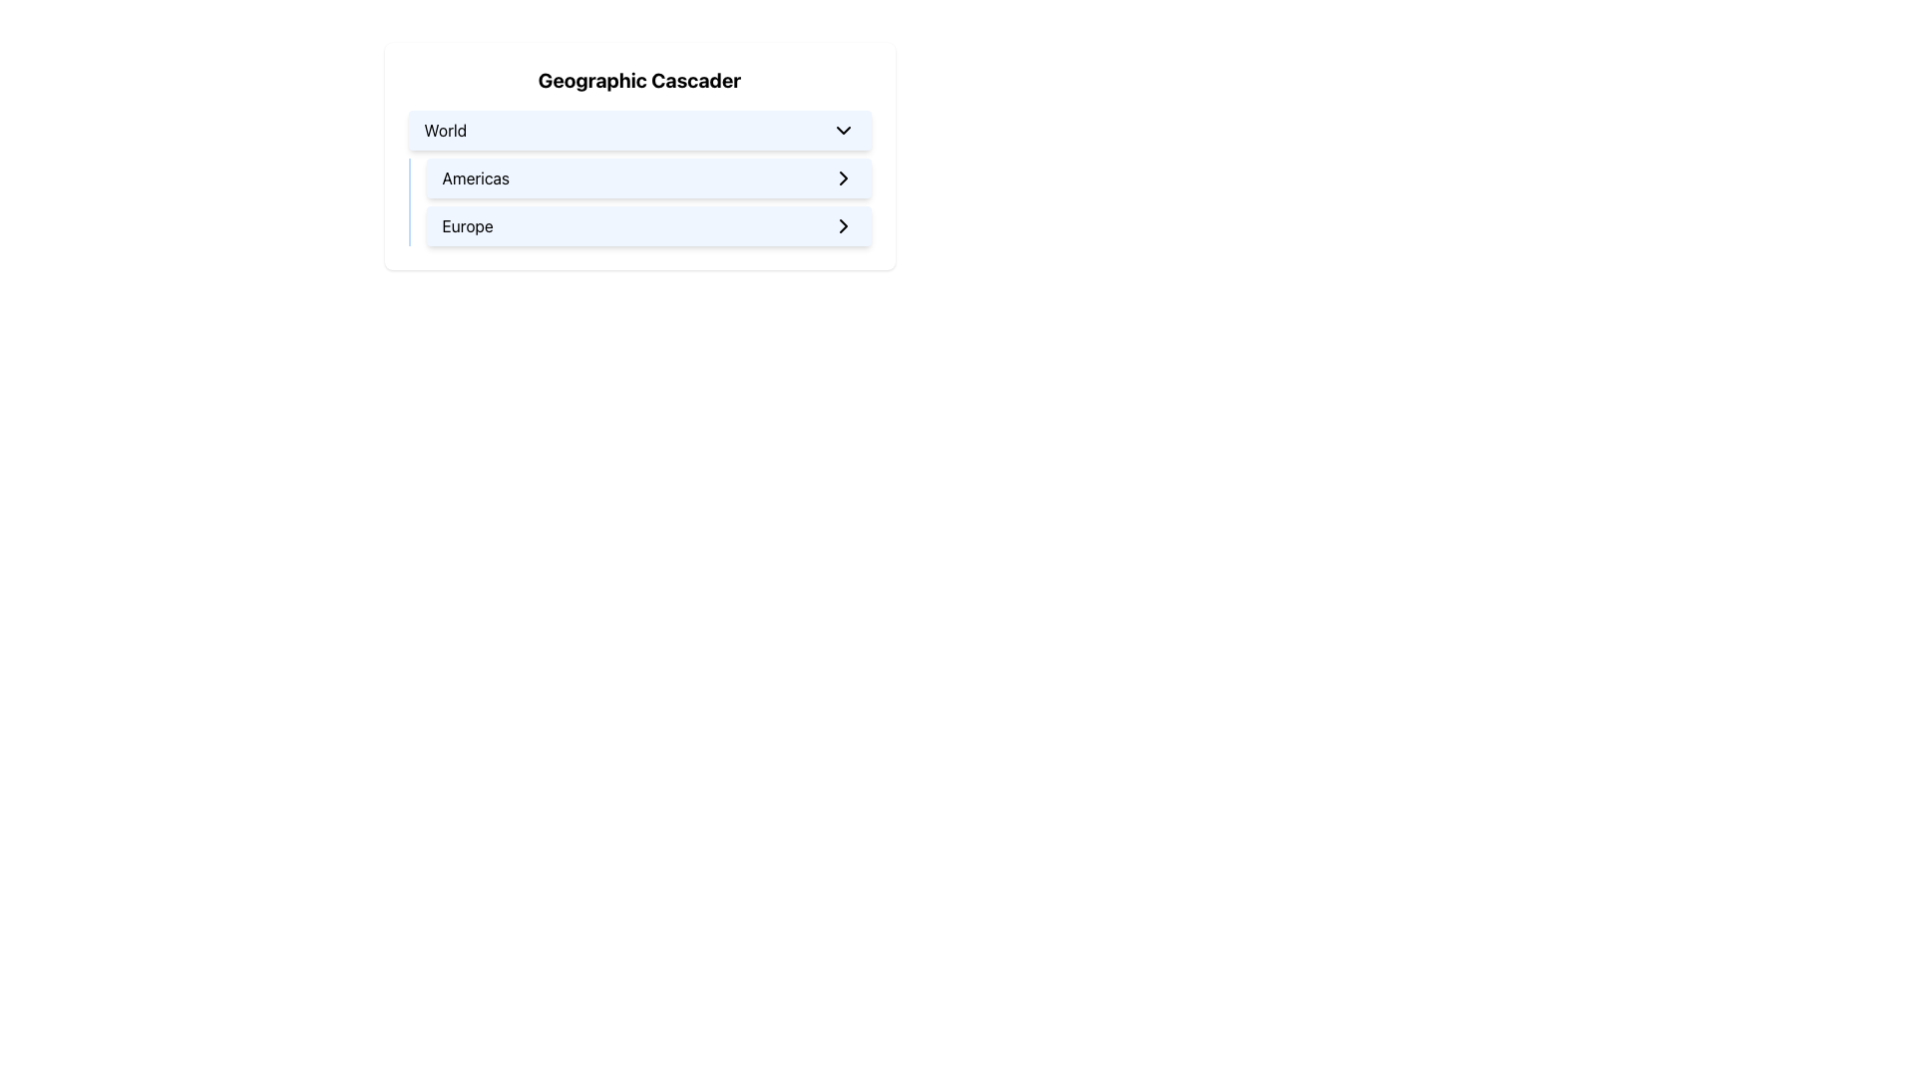 Image resolution: width=1915 pixels, height=1077 pixels. Describe the element at coordinates (843, 177) in the screenshot. I see `the Chevron (right) icon located at the far right end of the 'Americas' option` at that location.